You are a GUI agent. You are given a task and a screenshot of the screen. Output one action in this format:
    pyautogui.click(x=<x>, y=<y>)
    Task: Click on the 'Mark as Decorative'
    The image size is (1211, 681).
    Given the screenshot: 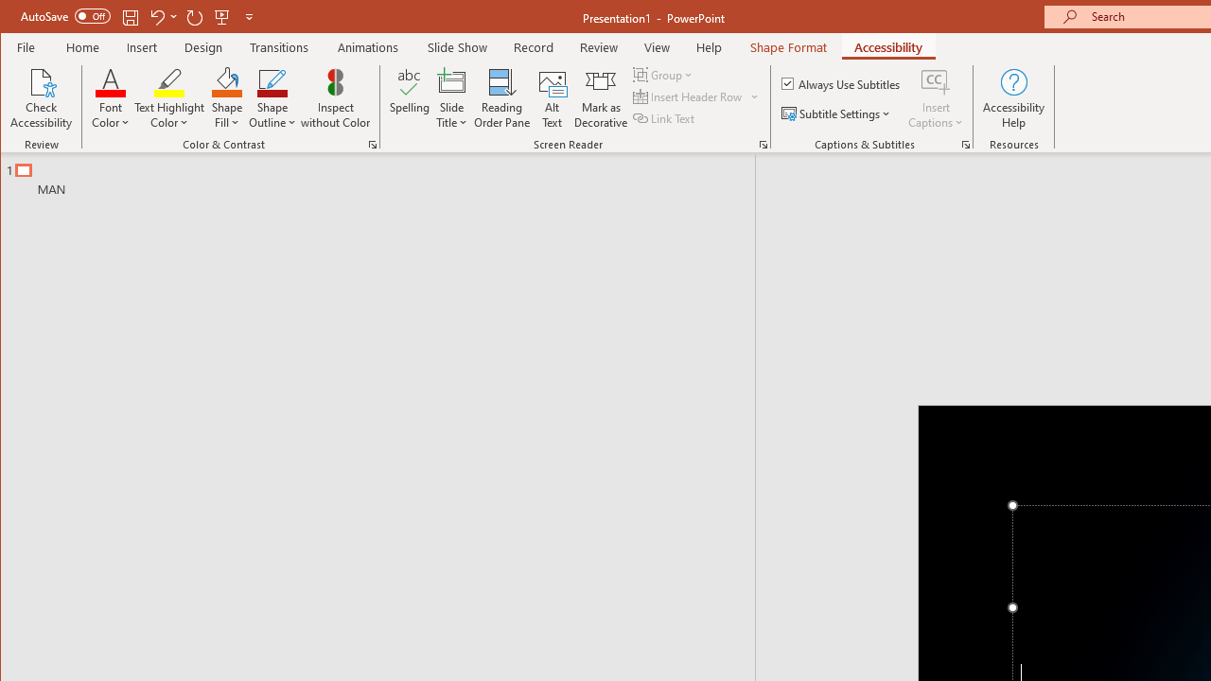 What is the action you would take?
    pyautogui.click(x=600, y=98)
    